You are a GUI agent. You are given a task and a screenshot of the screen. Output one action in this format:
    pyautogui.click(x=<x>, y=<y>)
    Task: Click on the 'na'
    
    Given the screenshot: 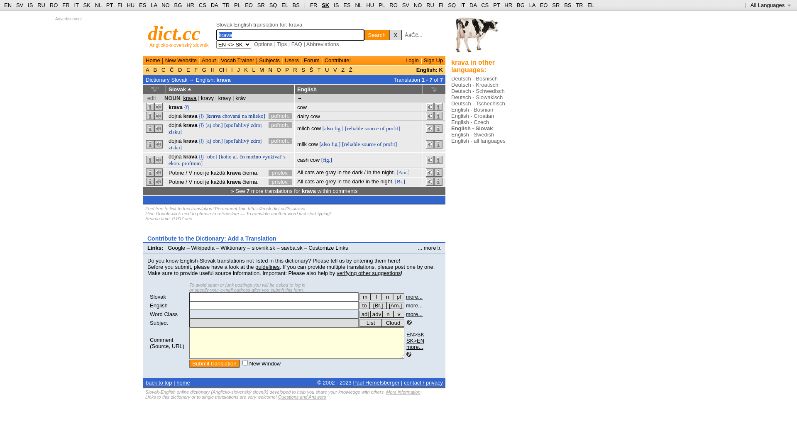 What is the action you would take?
    pyautogui.click(x=241, y=116)
    